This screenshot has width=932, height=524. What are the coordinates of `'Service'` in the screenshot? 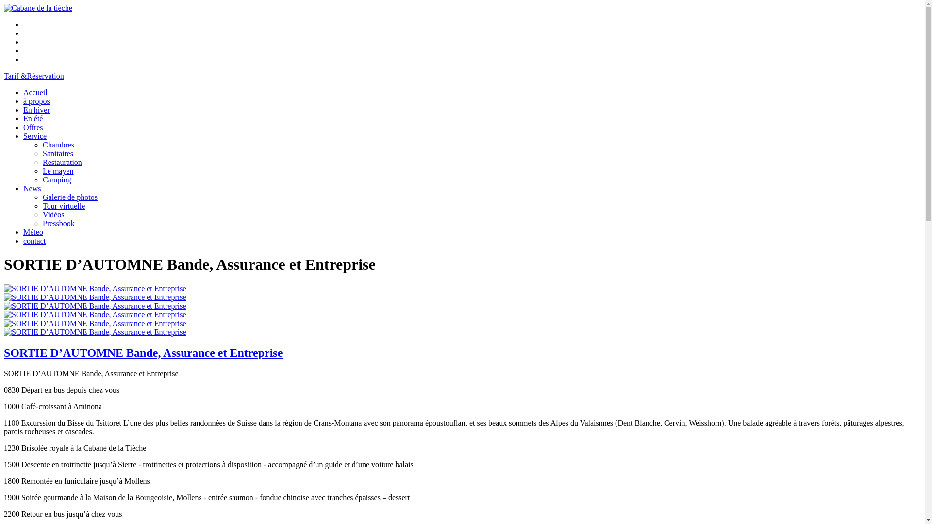 It's located at (35, 136).